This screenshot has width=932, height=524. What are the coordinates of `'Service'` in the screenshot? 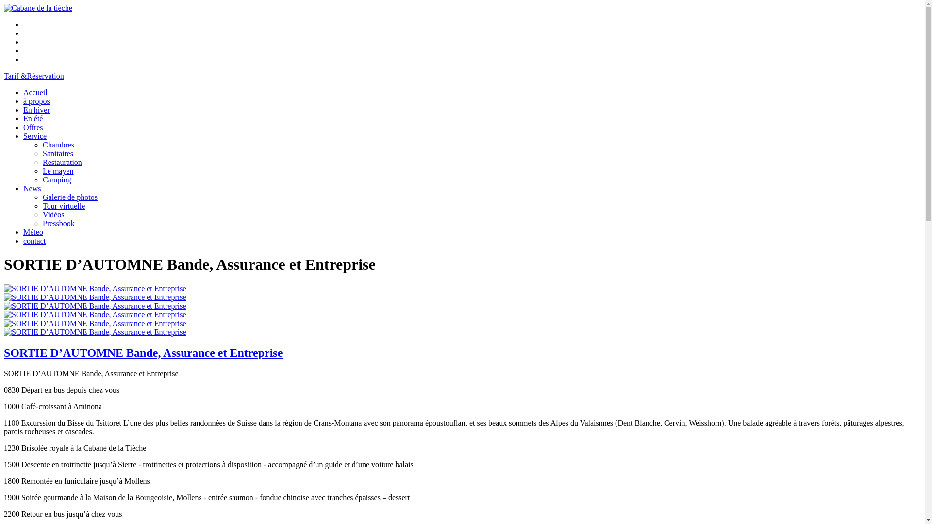 It's located at (35, 136).